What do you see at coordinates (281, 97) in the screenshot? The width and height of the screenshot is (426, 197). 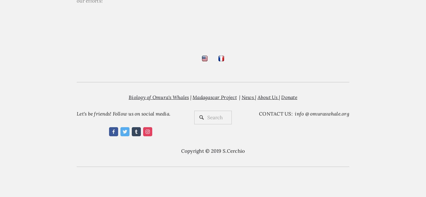 I see `'Donate'` at bounding box center [281, 97].